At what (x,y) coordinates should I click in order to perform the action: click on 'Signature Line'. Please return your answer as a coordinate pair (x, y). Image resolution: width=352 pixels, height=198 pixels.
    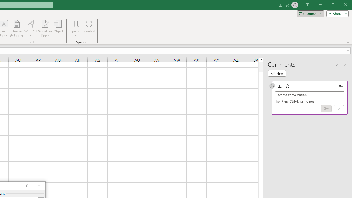
    Looking at the image, I should click on (45, 29).